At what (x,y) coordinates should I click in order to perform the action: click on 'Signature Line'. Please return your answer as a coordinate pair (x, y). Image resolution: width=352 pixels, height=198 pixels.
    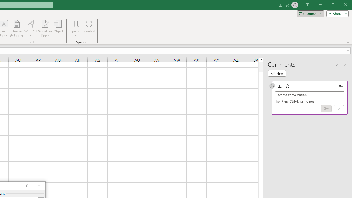
    Looking at the image, I should click on (45, 29).